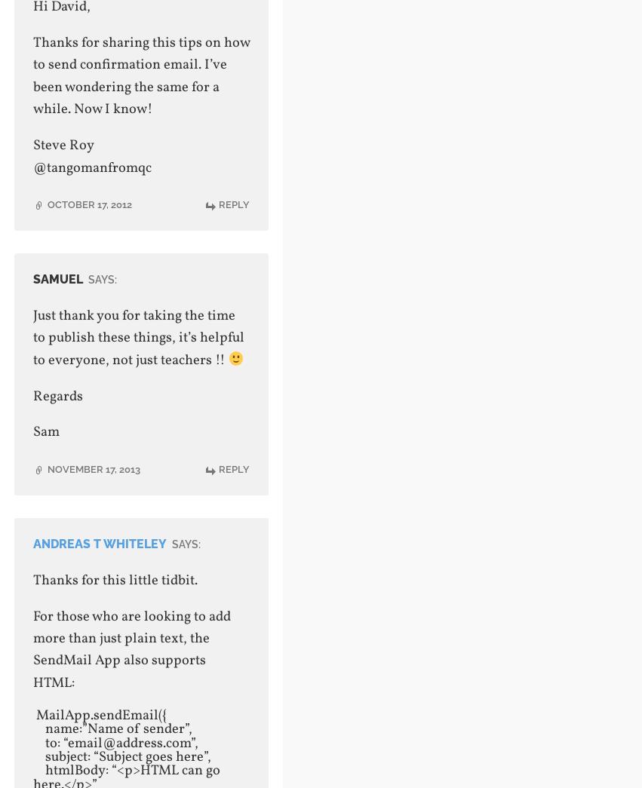 This screenshot has height=788, width=642. I want to click on 'Steve Roy', so click(62, 146).